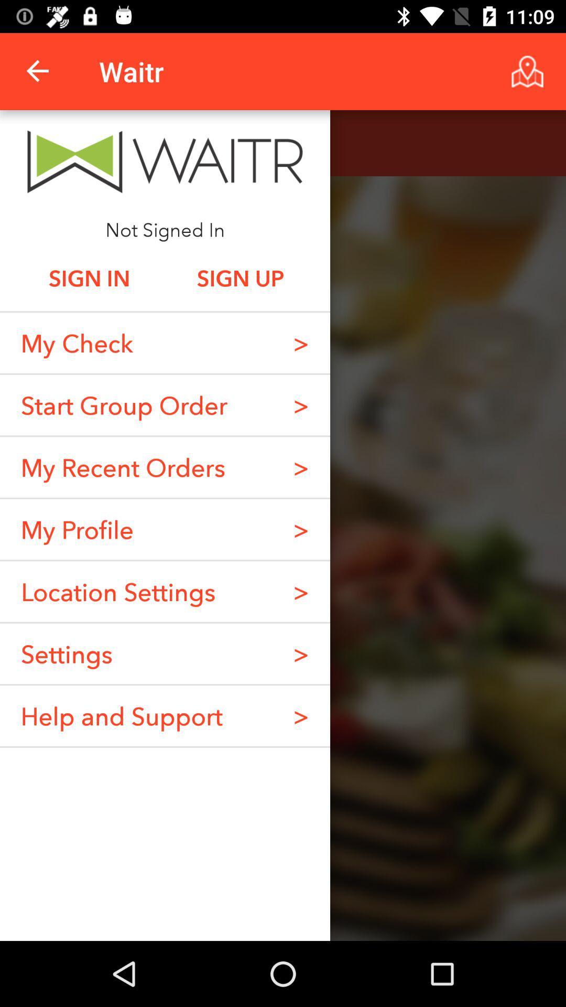 This screenshot has width=566, height=1007. Describe the element at coordinates (301, 404) in the screenshot. I see `the item to the right of start group order icon` at that location.